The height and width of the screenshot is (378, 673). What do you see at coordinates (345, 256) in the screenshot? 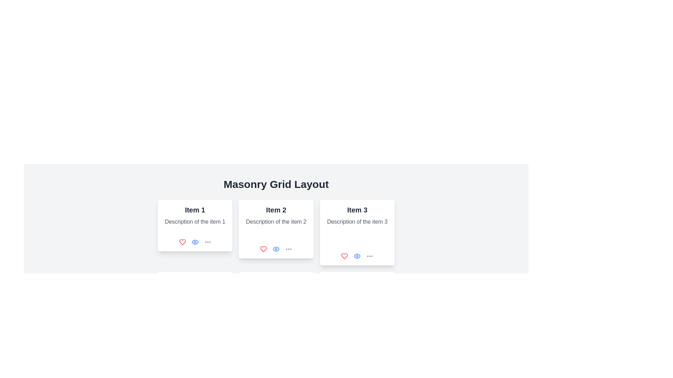
I see `the heart icon button in the bottom action row of the 'Item 3' card` at bounding box center [345, 256].